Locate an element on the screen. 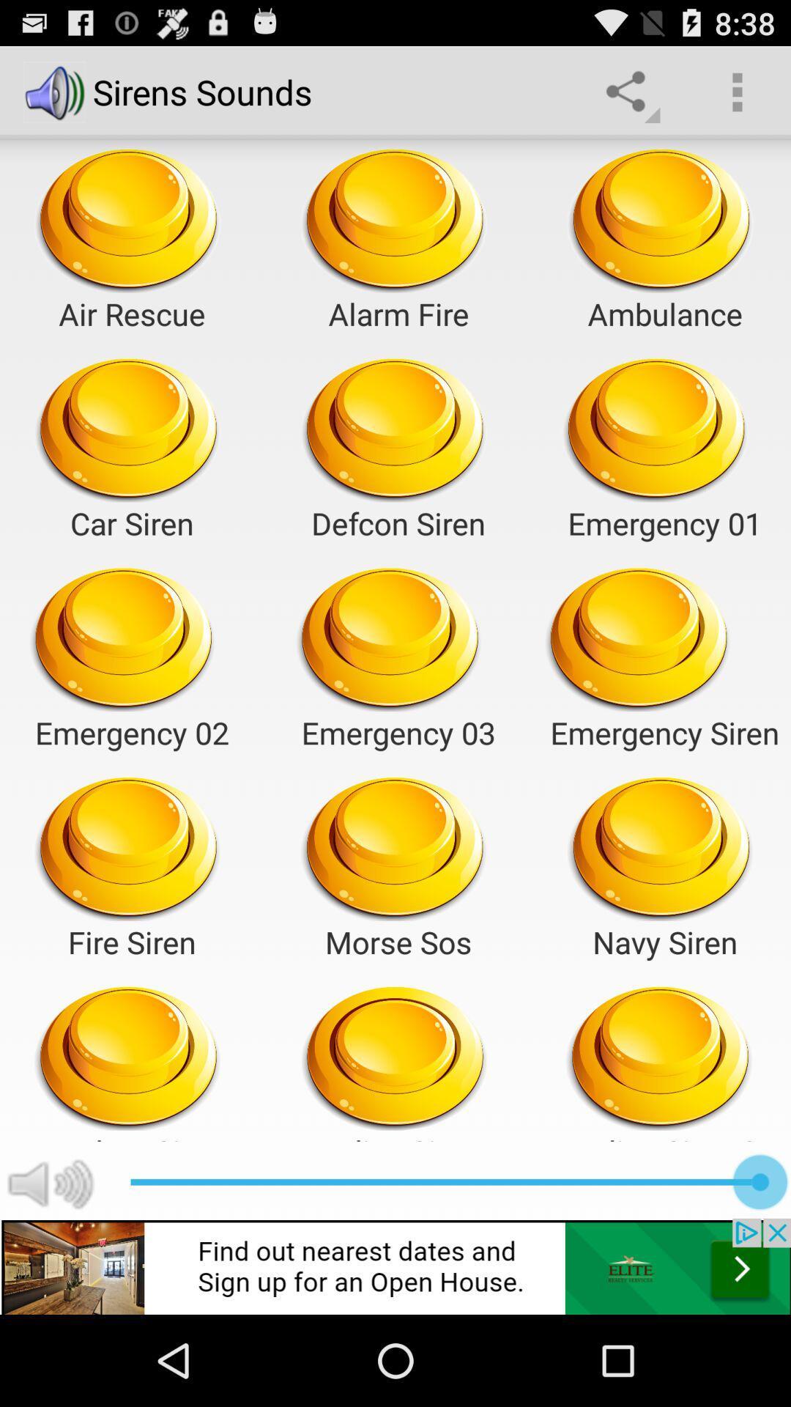 This screenshot has height=1407, width=791. the volume icon is located at coordinates (49, 1262).